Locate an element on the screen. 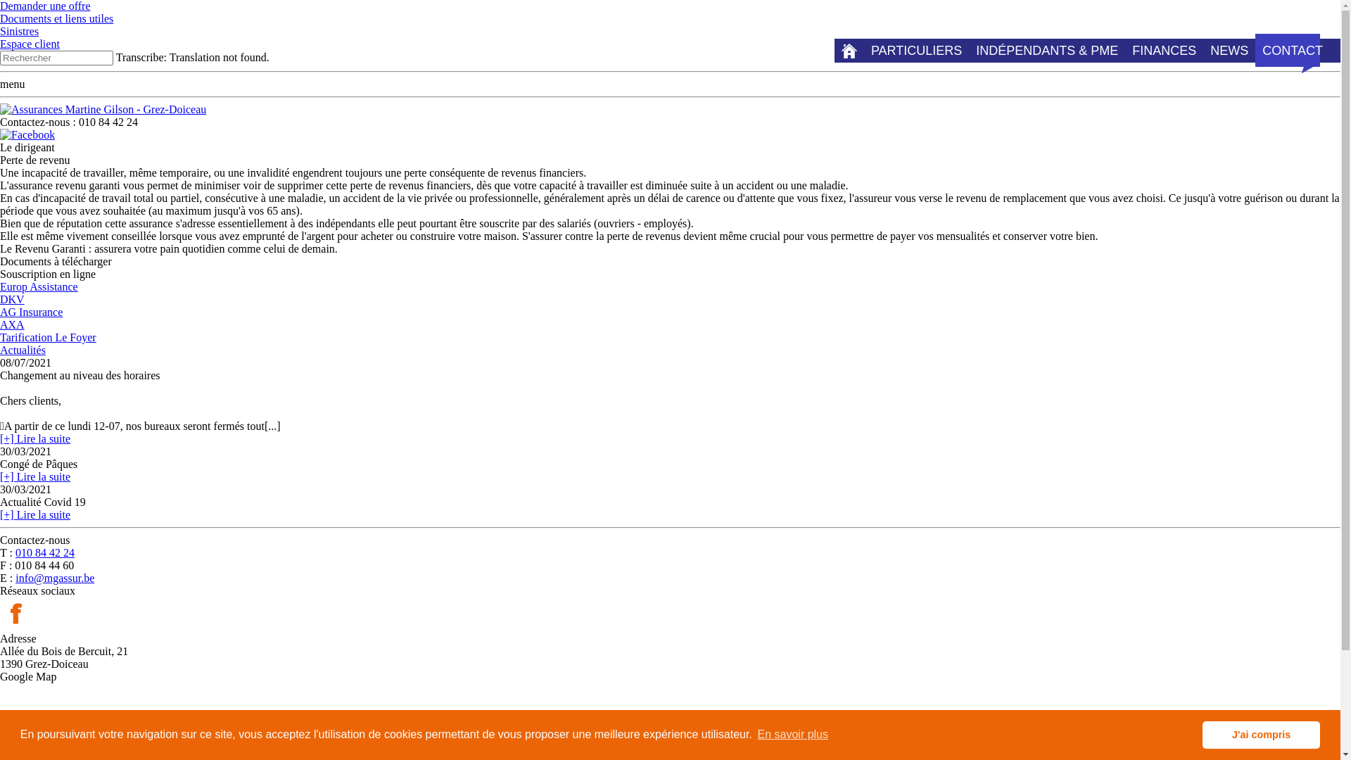 Image resolution: width=1351 pixels, height=760 pixels. 'DKV' is located at coordinates (0, 298).